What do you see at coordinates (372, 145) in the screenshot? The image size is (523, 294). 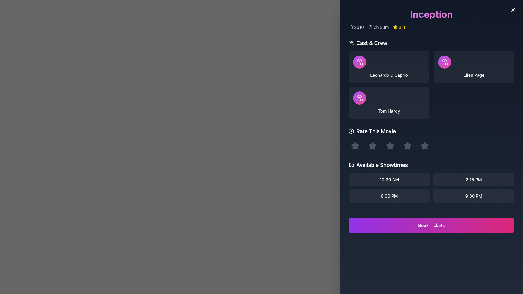 I see `the second star in the row of five rating stars` at bounding box center [372, 145].